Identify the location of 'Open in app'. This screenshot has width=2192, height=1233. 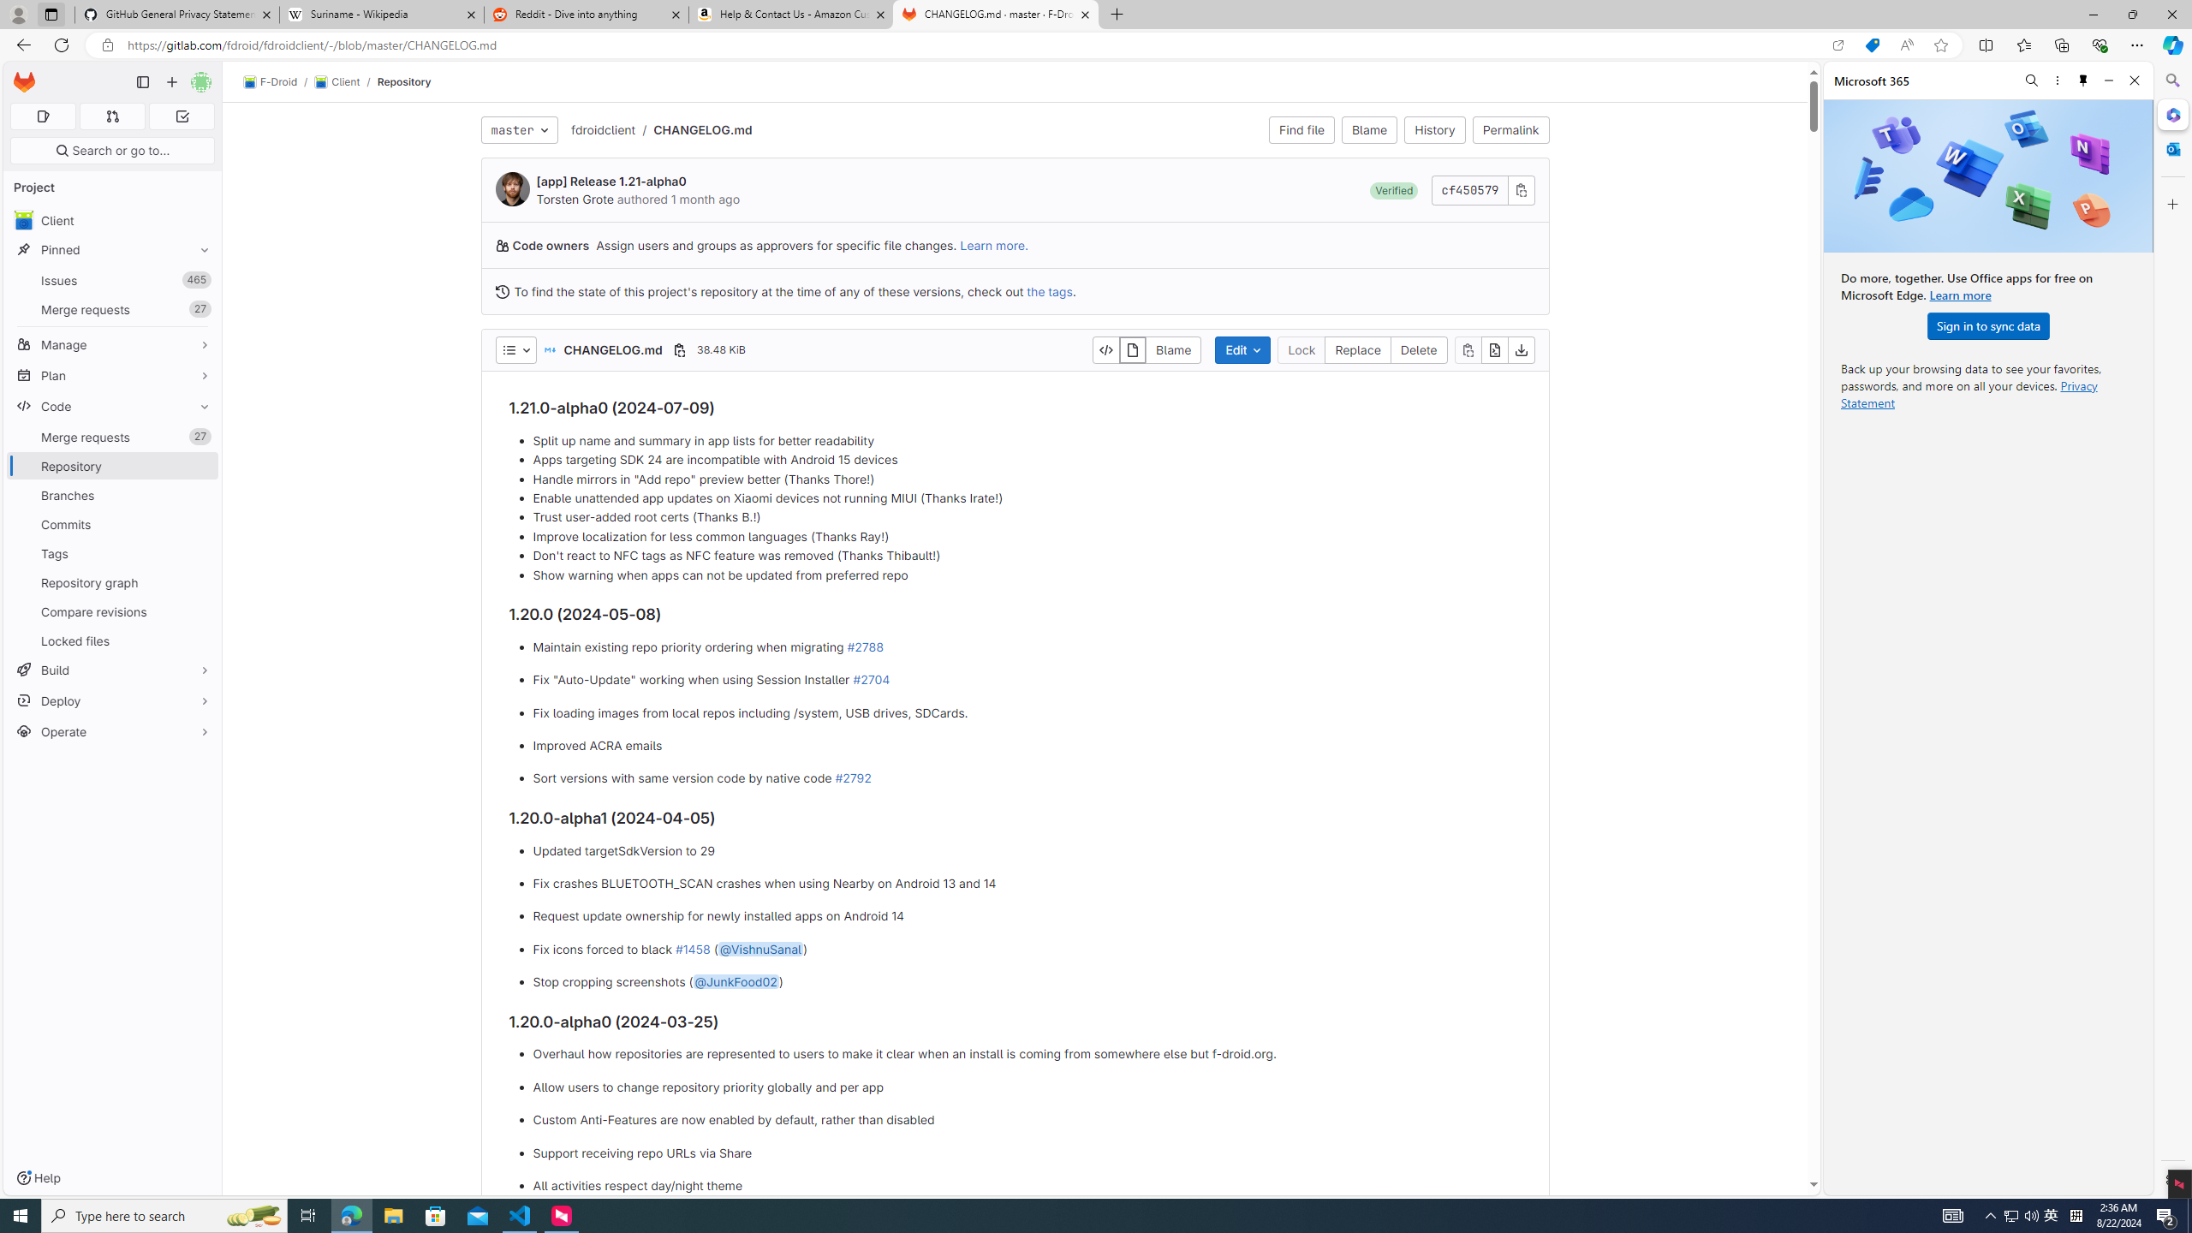
(1837, 45).